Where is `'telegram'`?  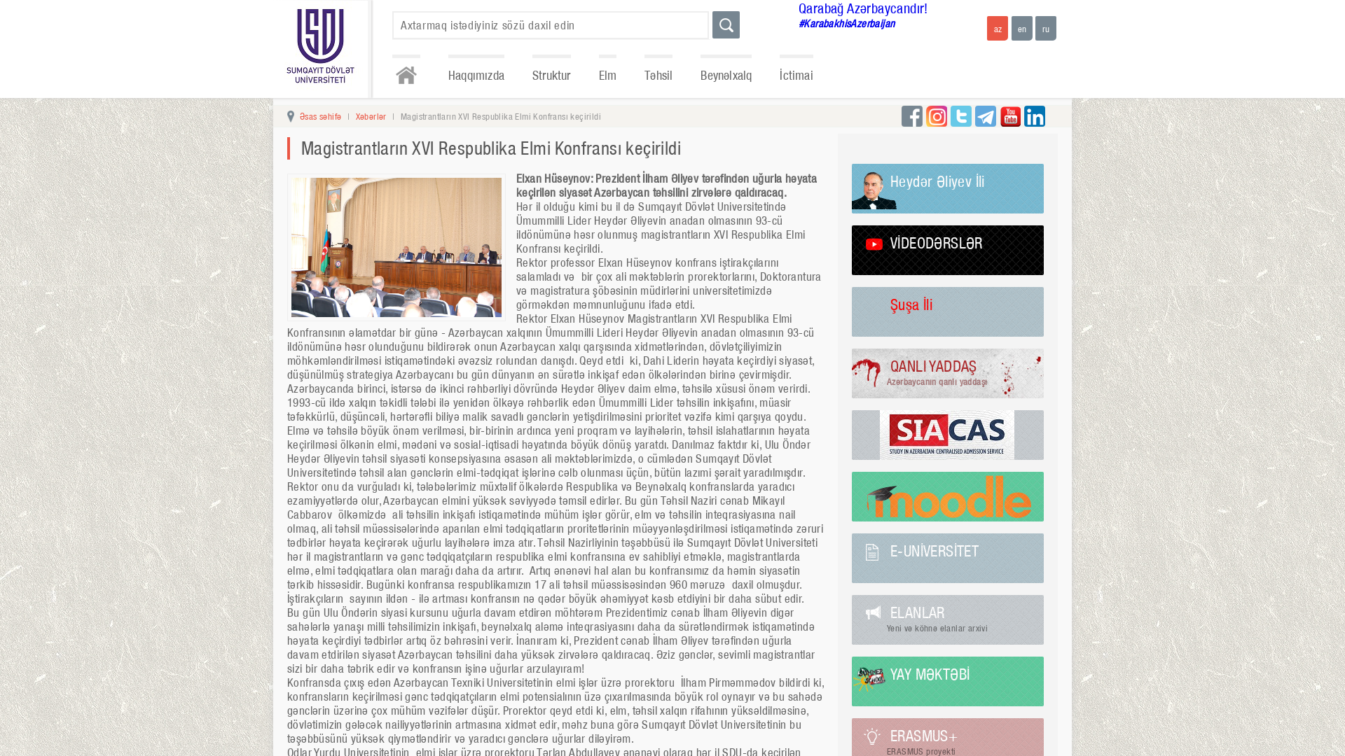 'telegram' is located at coordinates (984, 115).